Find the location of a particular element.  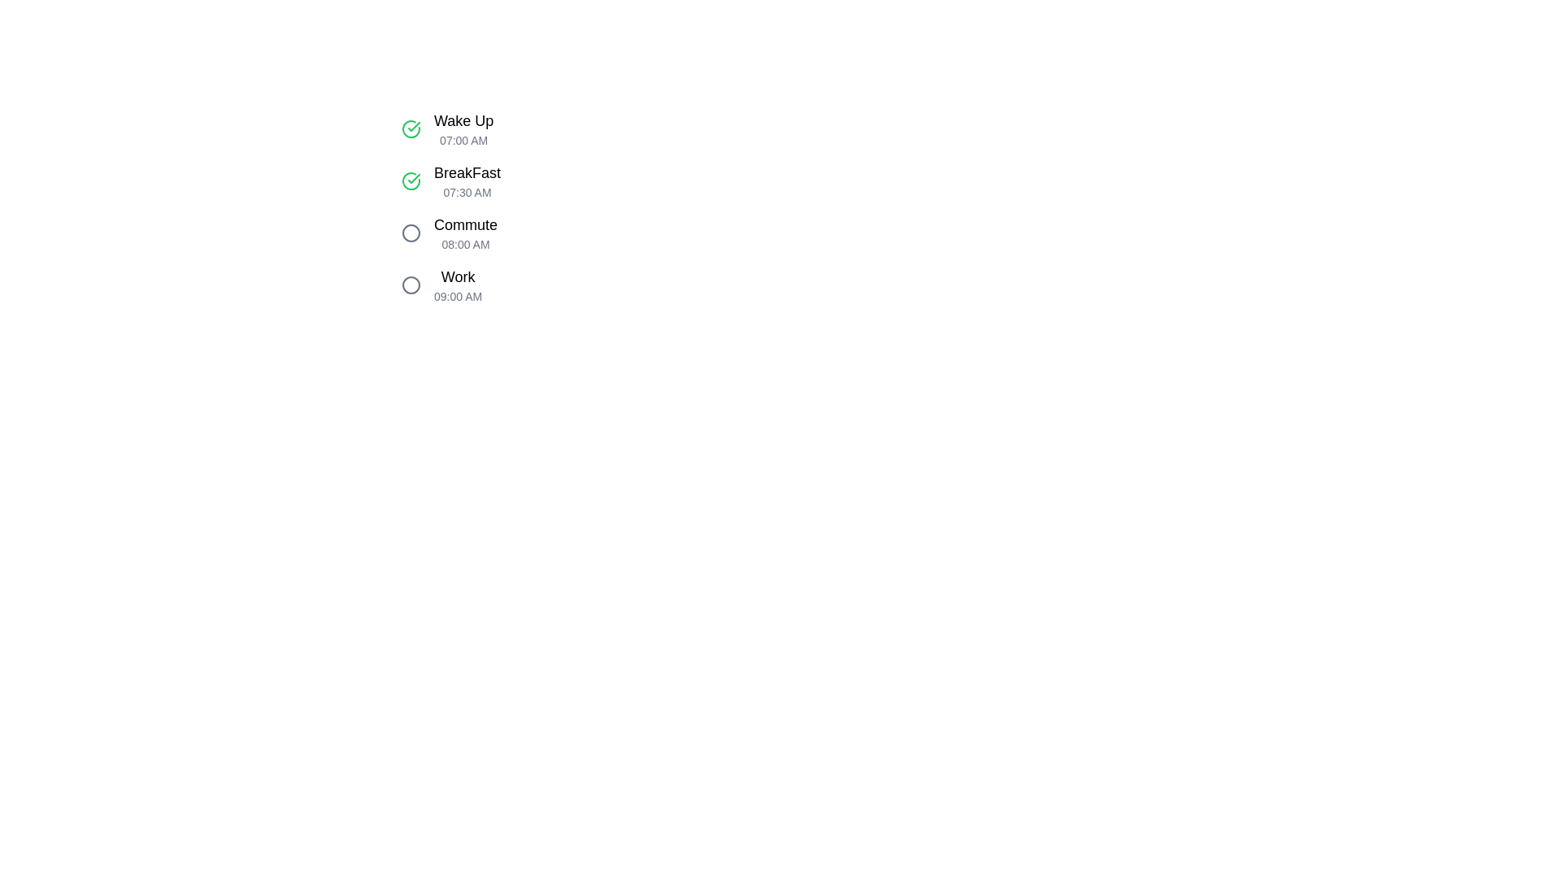

the green circular icon with a white tick mark located to the left of the text 'Wake Up' and '07:00 AM' to mark it as incomplete is located at coordinates (411, 128).